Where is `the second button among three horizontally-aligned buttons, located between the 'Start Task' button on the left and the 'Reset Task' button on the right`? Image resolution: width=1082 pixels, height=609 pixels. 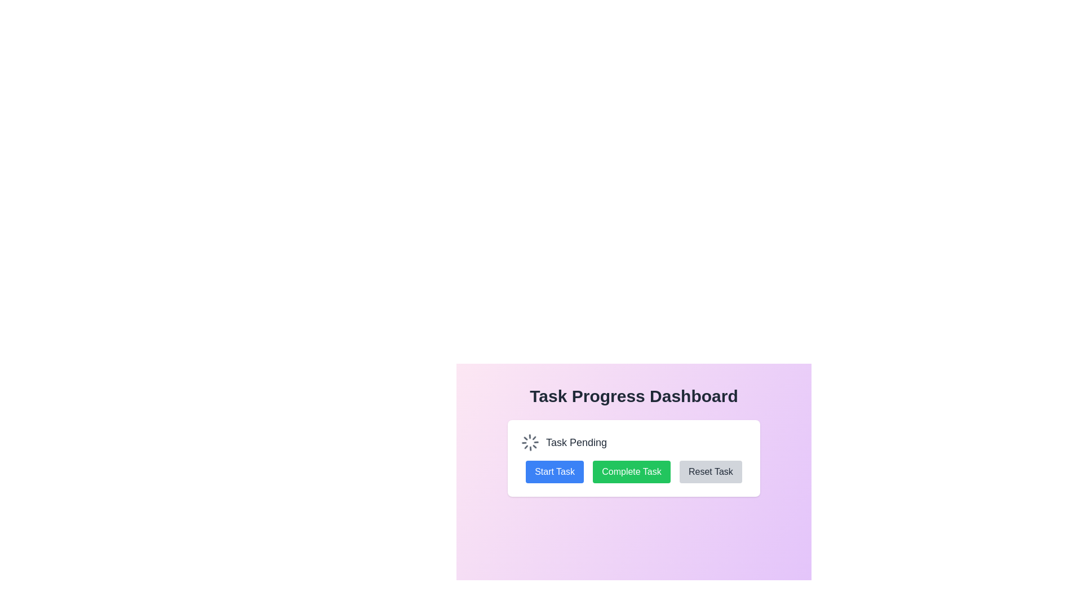 the second button among three horizontally-aligned buttons, located between the 'Start Task' button on the left and the 'Reset Task' button on the right is located at coordinates (631, 472).